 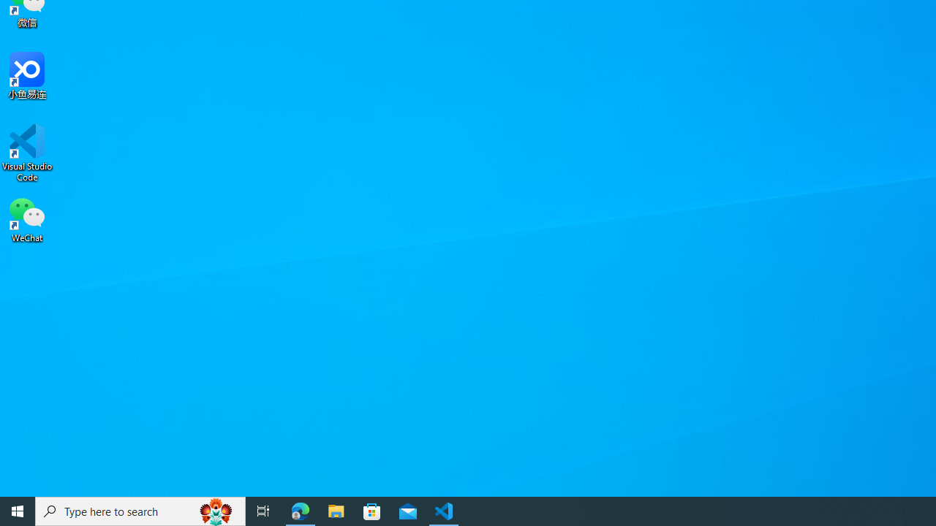 I want to click on 'Task View', so click(x=263, y=510).